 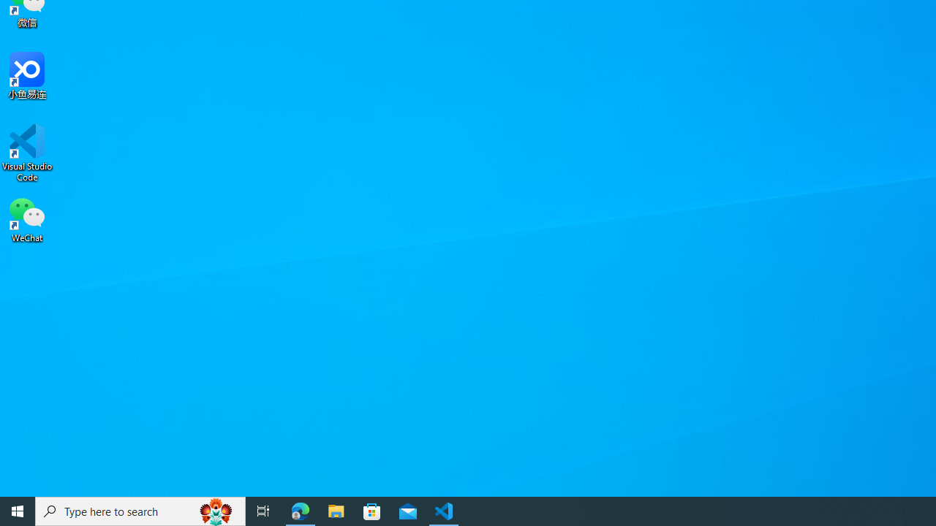 I want to click on 'Task View', so click(x=263, y=510).